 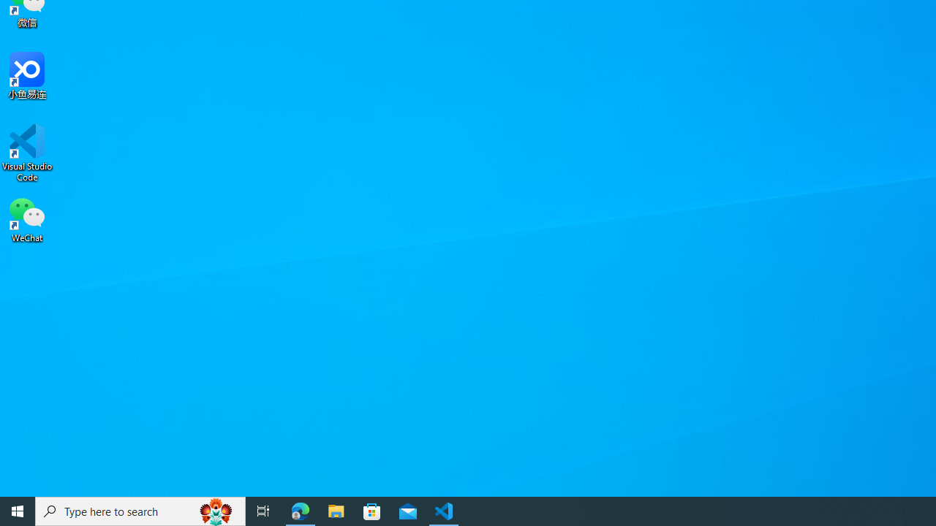 I want to click on 'Task View', so click(x=263, y=510).